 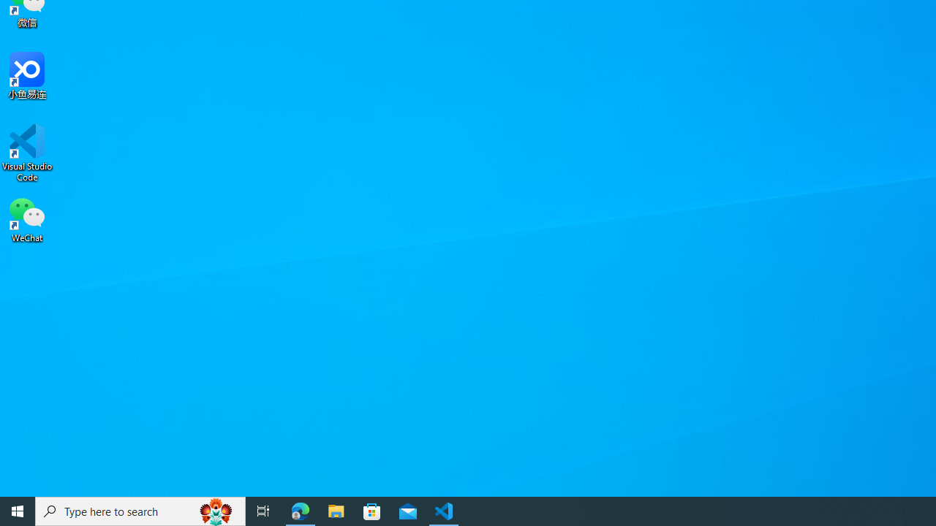 I want to click on 'Task View', so click(x=263, y=510).